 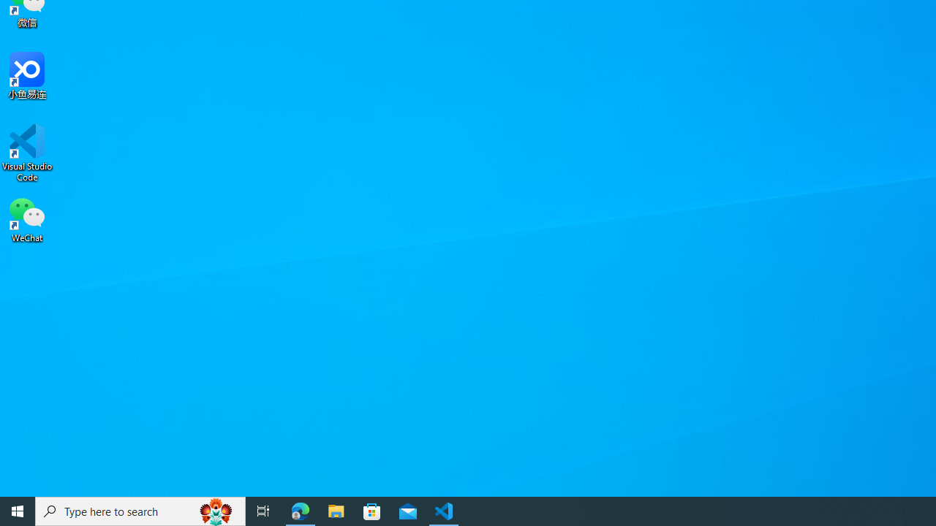 I want to click on 'Task View', so click(x=263, y=510).